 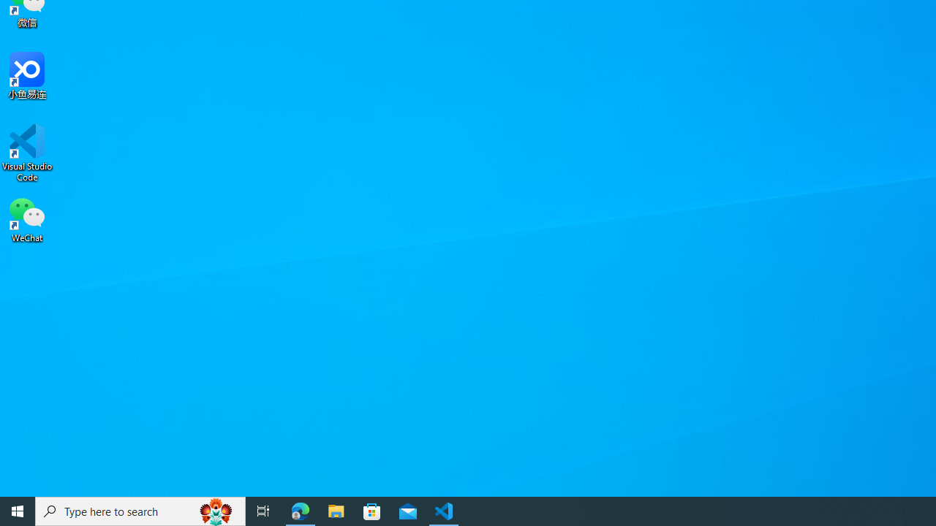 I want to click on 'Task View', so click(x=263, y=510).